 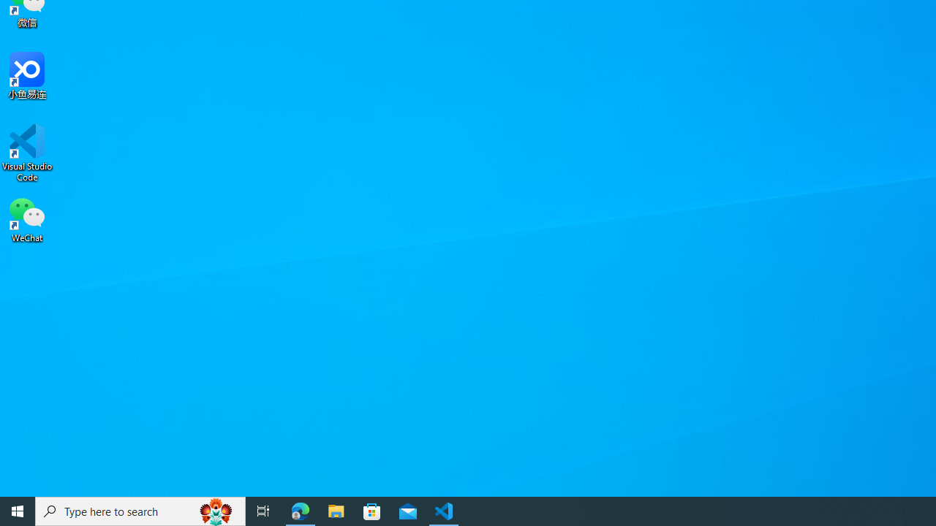 I want to click on 'Task View', so click(x=263, y=510).